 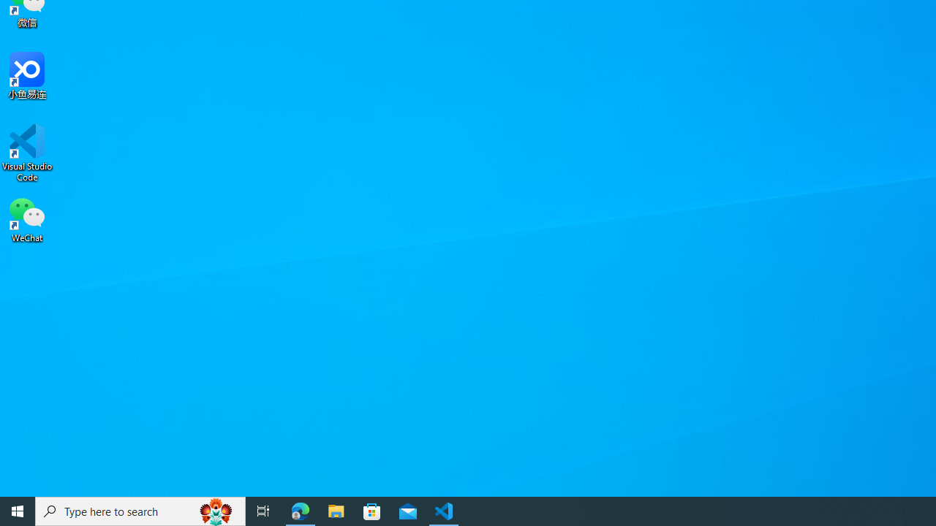 I want to click on 'Task View', so click(x=263, y=510).